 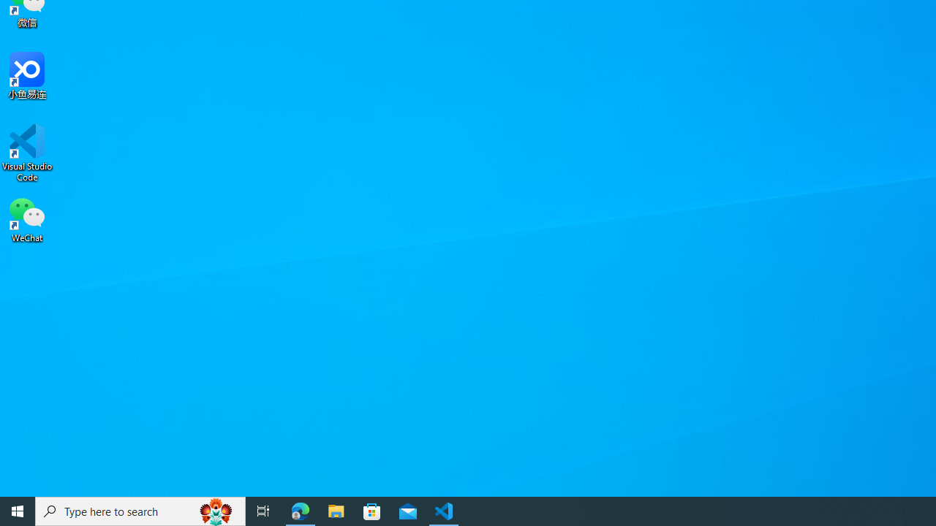 I want to click on 'Task View', so click(x=263, y=510).